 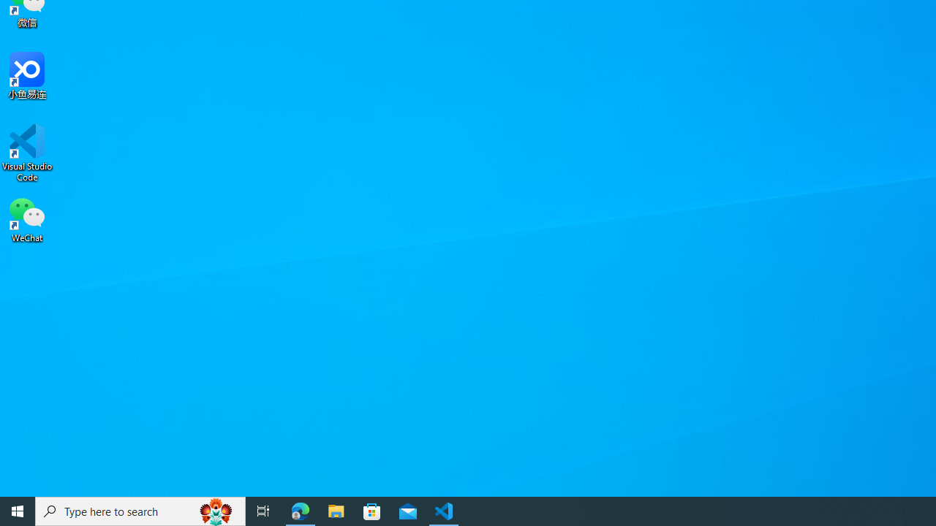 I want to click on 'Task View', so click(x=263, y=510).